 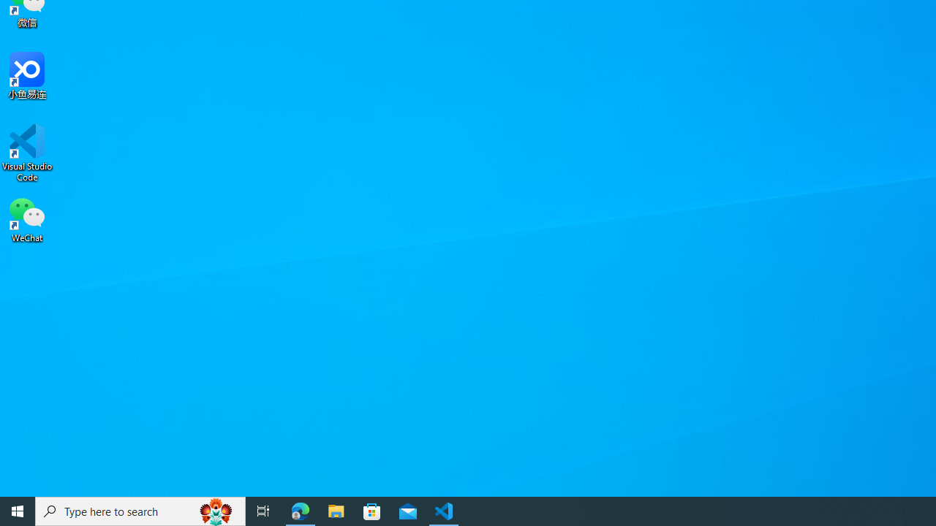 I want to click on 'Task View', so click(x=263, y=510).